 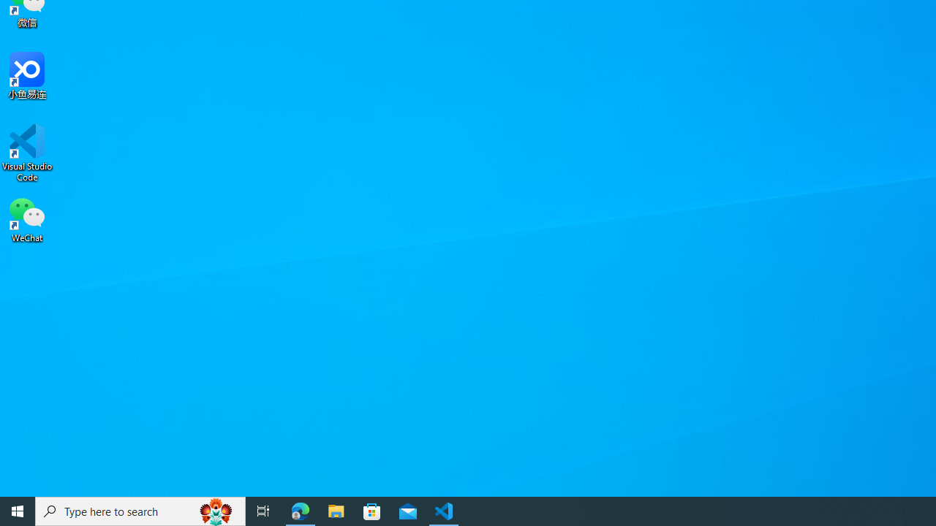 I want to click on 'Task View', so click(x=263, y=510).